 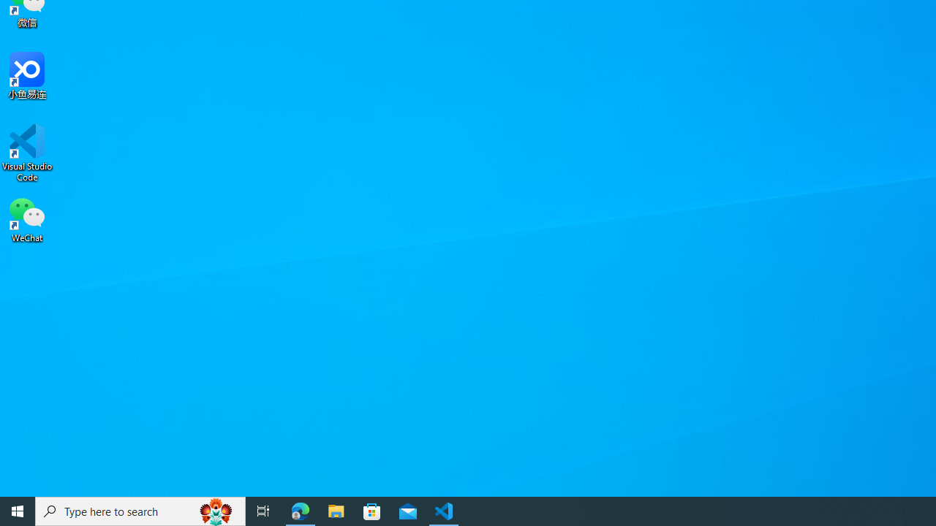 I want to click on 'Task View', so click(x=263, y=510).